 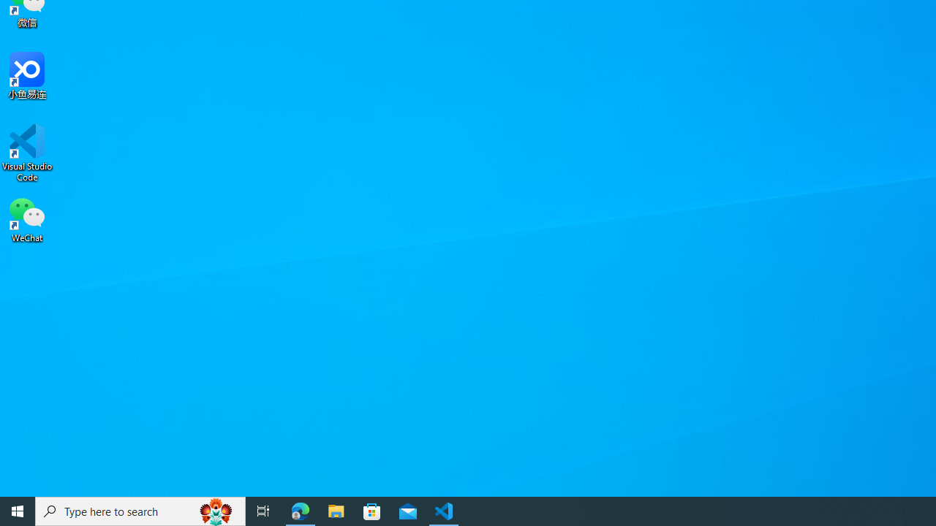 I want to click on 'Task View', so click(x=263, y=510).